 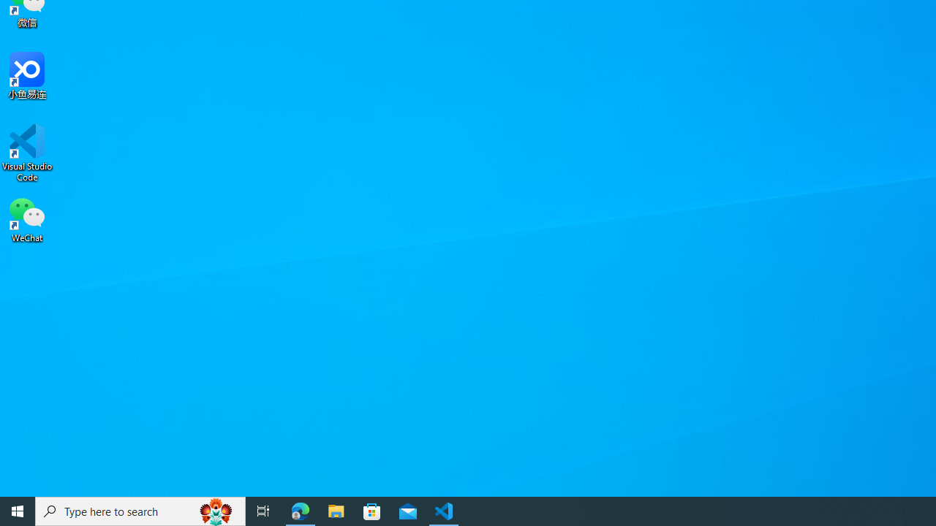 I want to click on 'Task View', so click(x=263, y=510).